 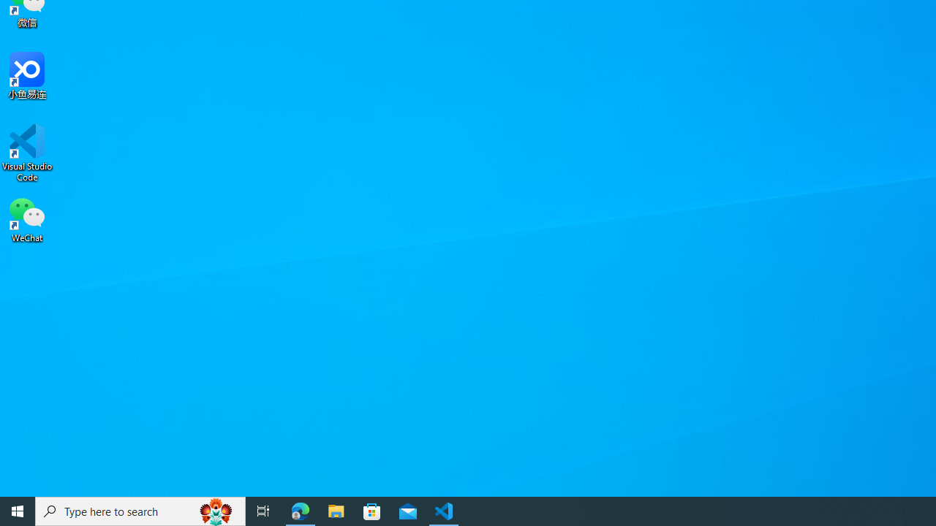 I want to click on 'Task View', so click(x=263, y=510).